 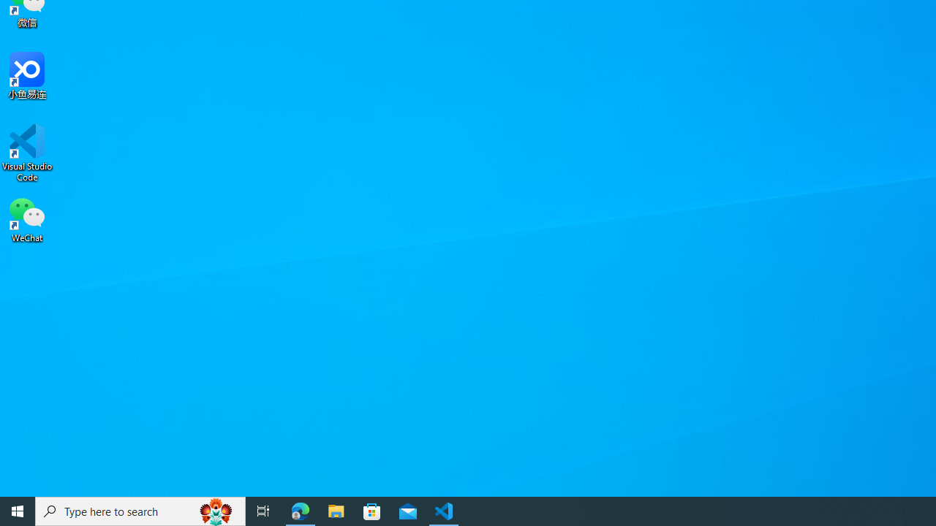 I want to click on 'Task View', so click(x=263, y=510).